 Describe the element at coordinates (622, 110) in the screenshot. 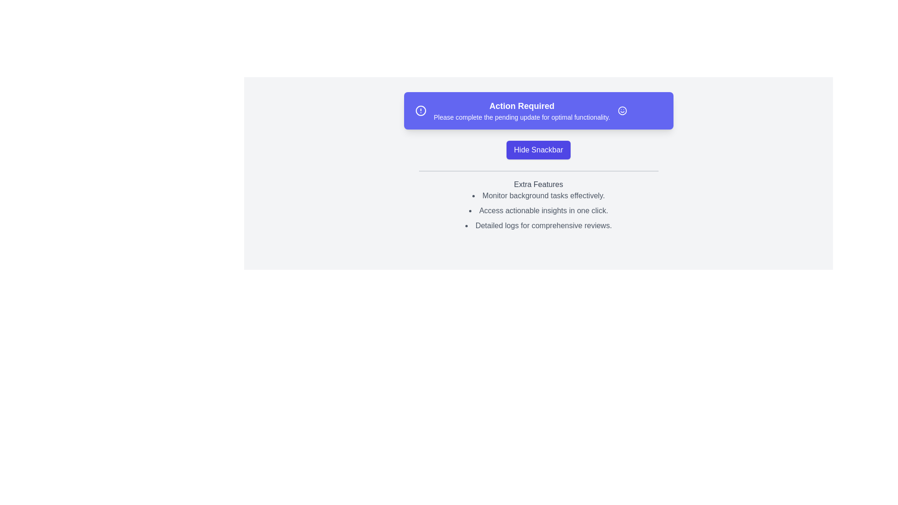

I see `close button (smiley icon) on the snackbar to hide it` at that location.